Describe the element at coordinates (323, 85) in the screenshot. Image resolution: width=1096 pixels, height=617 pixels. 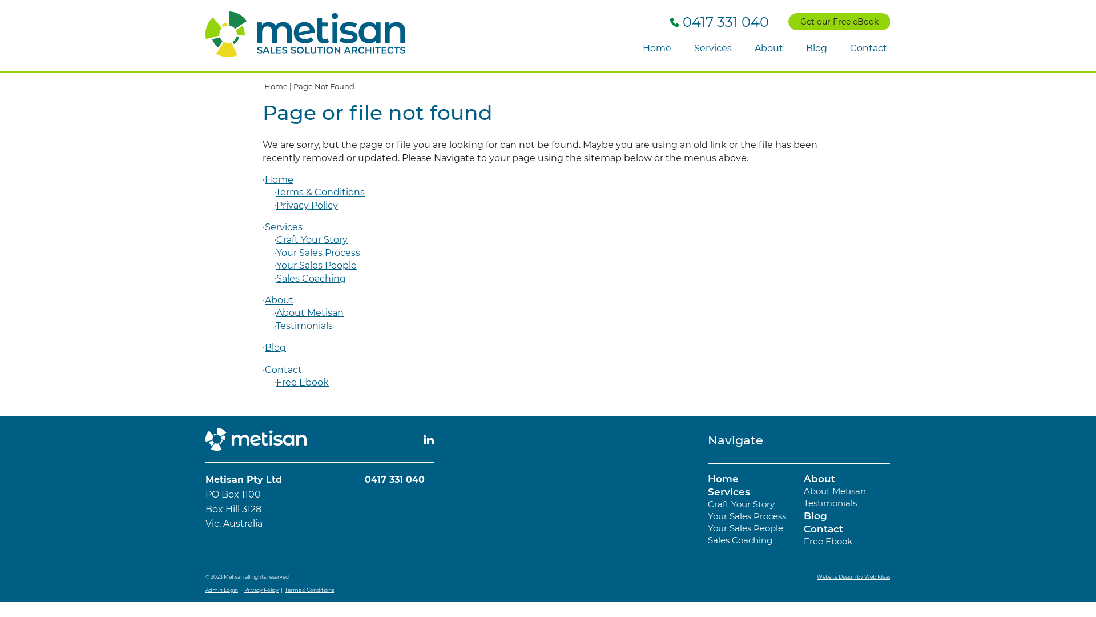
I see `'Page Not Found'` at that location.